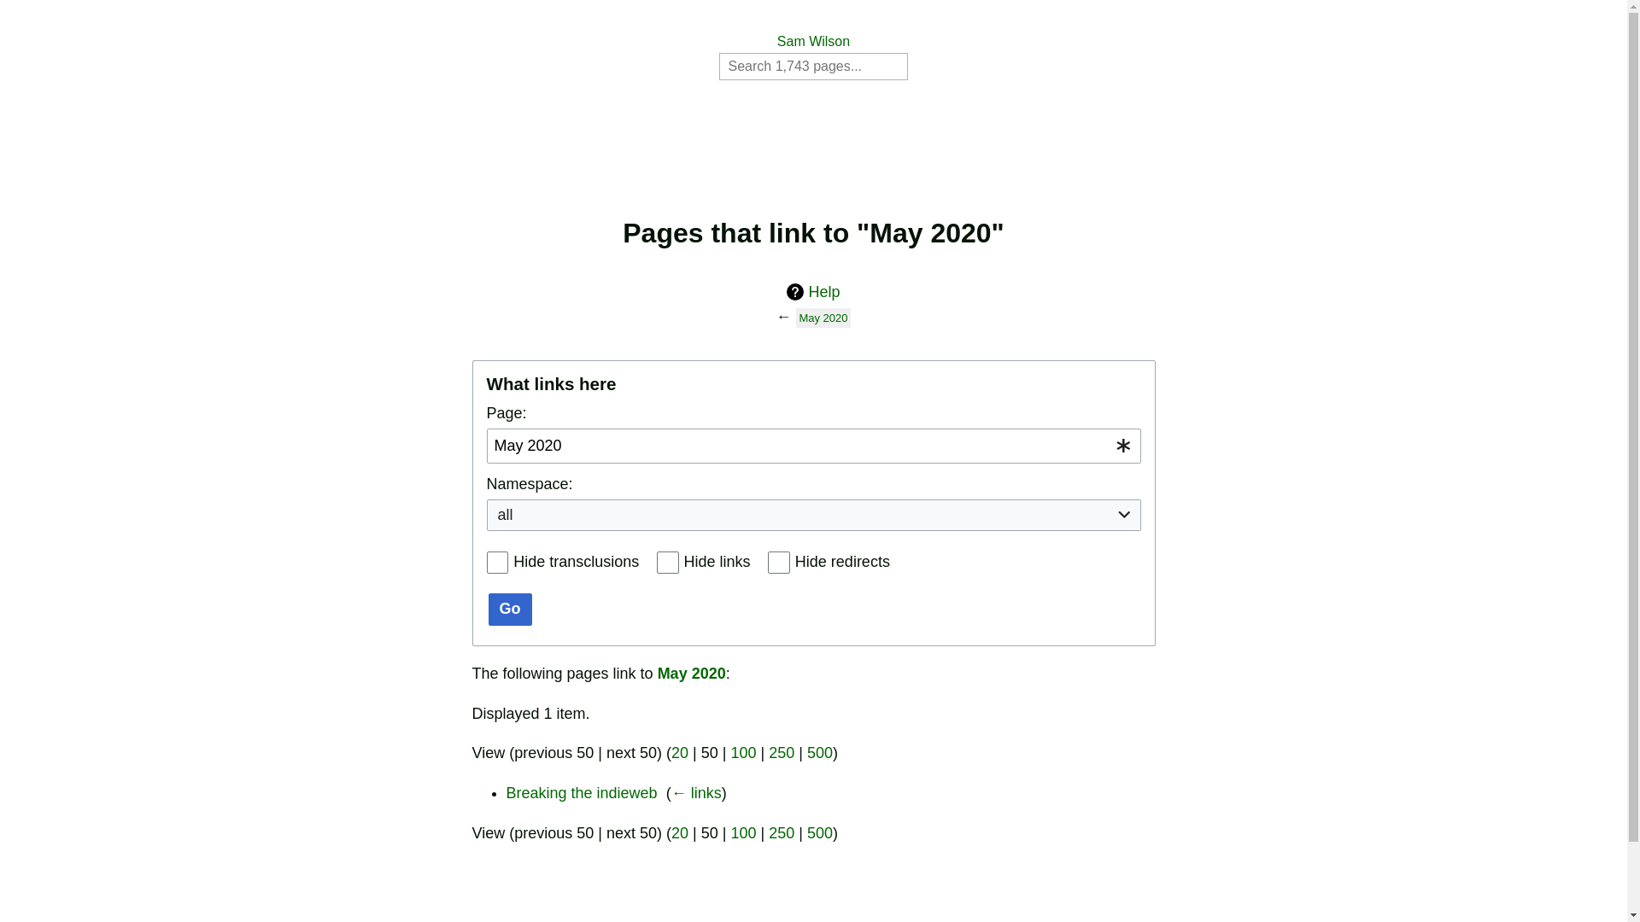 The width and height of the screenshot is (1640, 922). What do you see at coordinates (679, 832) in the screenshot?
I see `'20'` at bounding box center [679, 832].